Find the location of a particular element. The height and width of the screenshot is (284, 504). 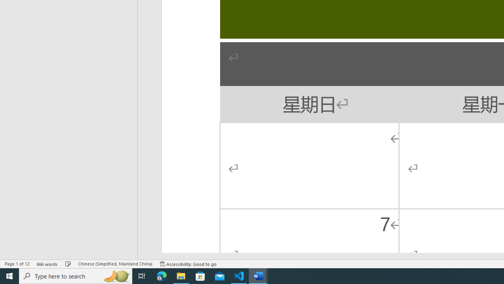

'Word Count 666 words' is located at coordinates (47, 264).